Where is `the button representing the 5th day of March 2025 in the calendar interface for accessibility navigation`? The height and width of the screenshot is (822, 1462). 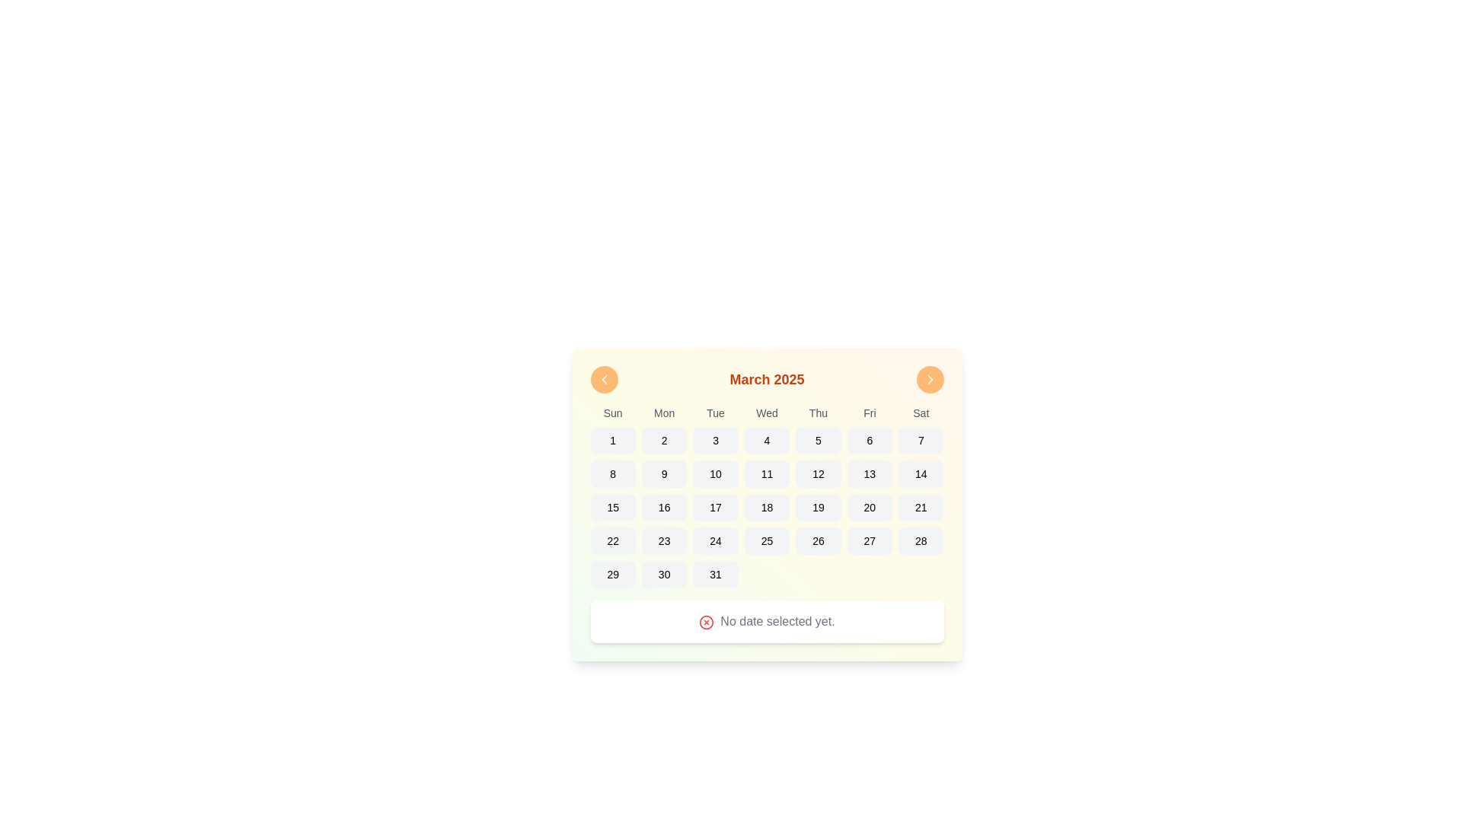 the button representing the 5th day of March 2025 in the calendar interface for accessibility navigation is located at coordinates (818, 440).